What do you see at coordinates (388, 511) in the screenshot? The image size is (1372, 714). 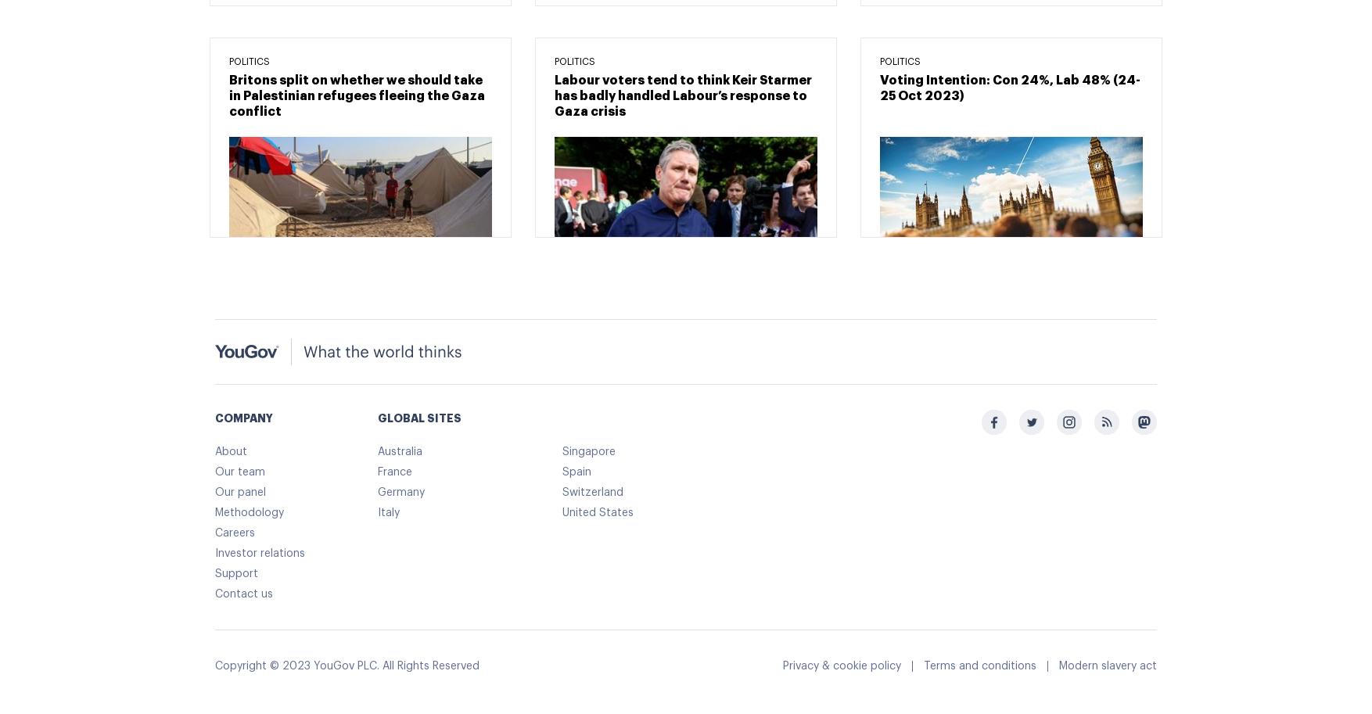 I see `'Italy'` at bounding box center [388, 511].